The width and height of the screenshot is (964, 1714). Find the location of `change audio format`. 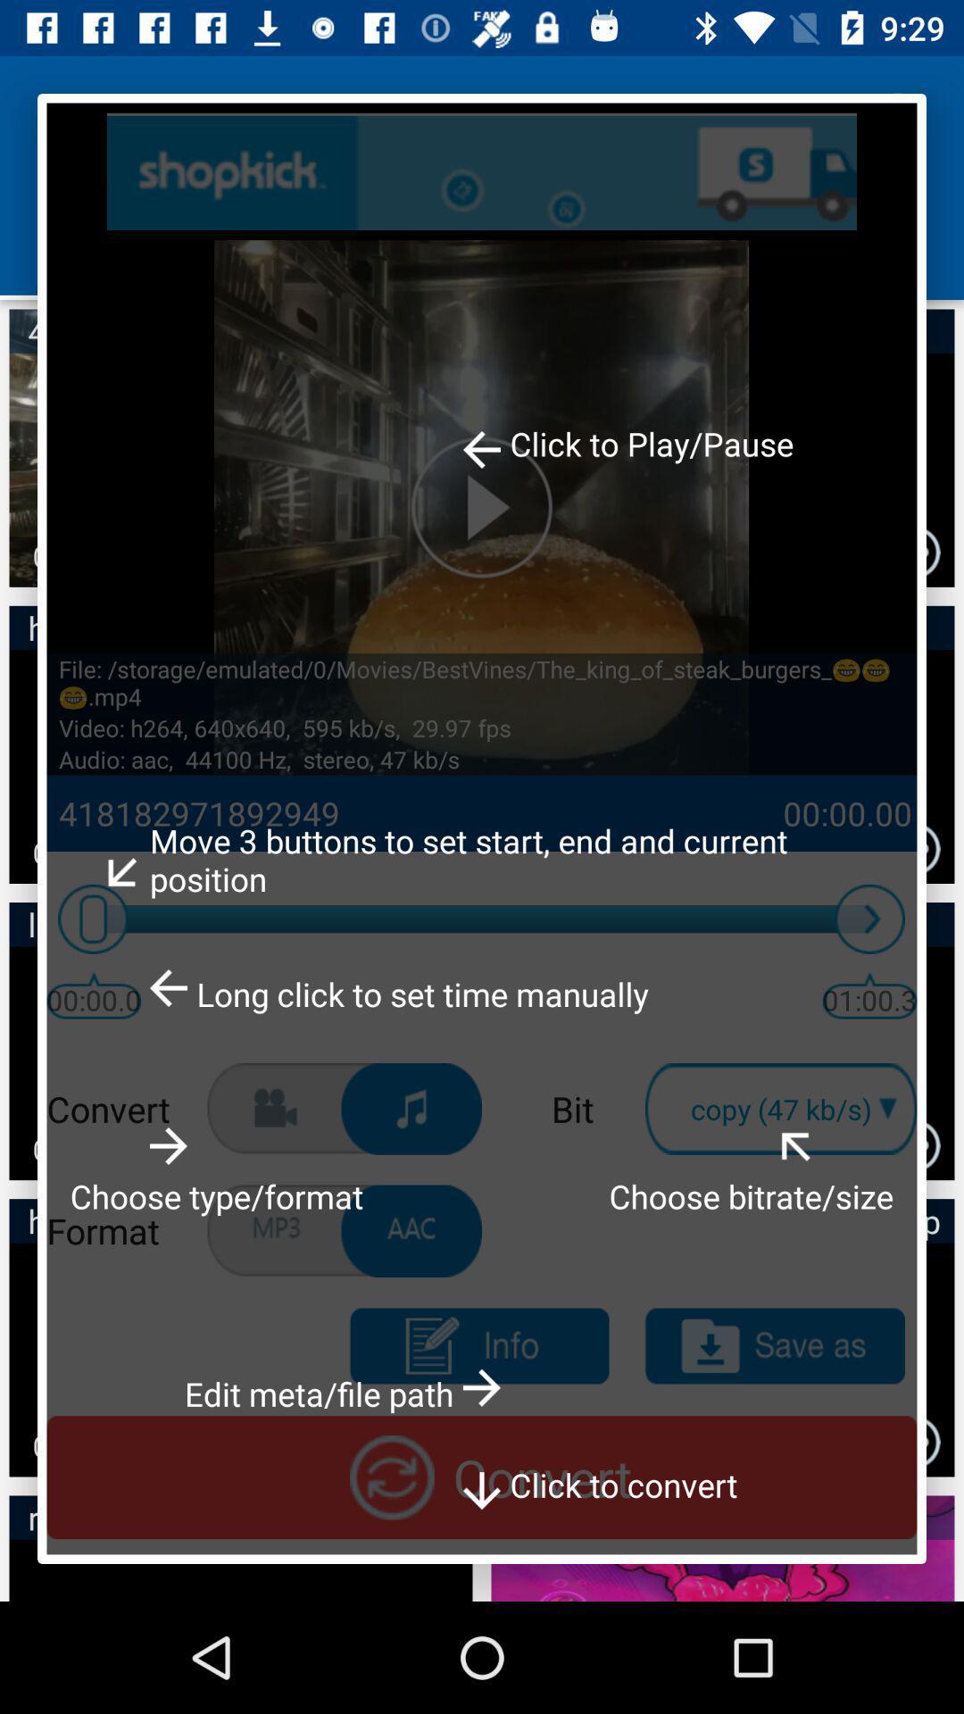

change audio format is located at coordinates (411, 1230).